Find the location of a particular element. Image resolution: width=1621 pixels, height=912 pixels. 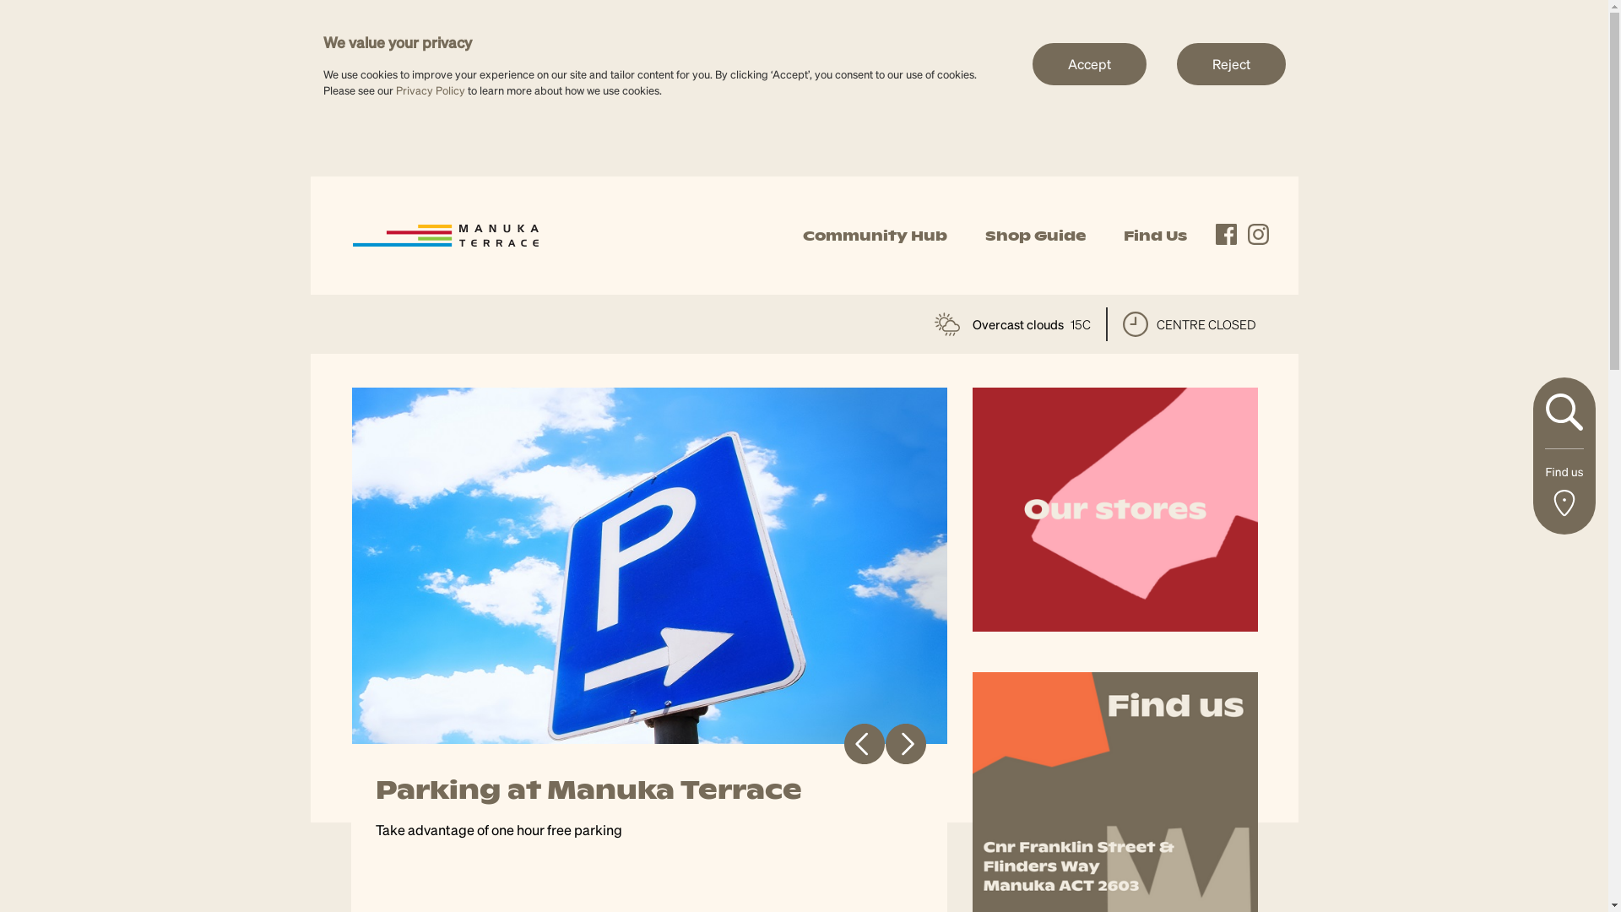

'time' is located at coordinates (1135, 324).